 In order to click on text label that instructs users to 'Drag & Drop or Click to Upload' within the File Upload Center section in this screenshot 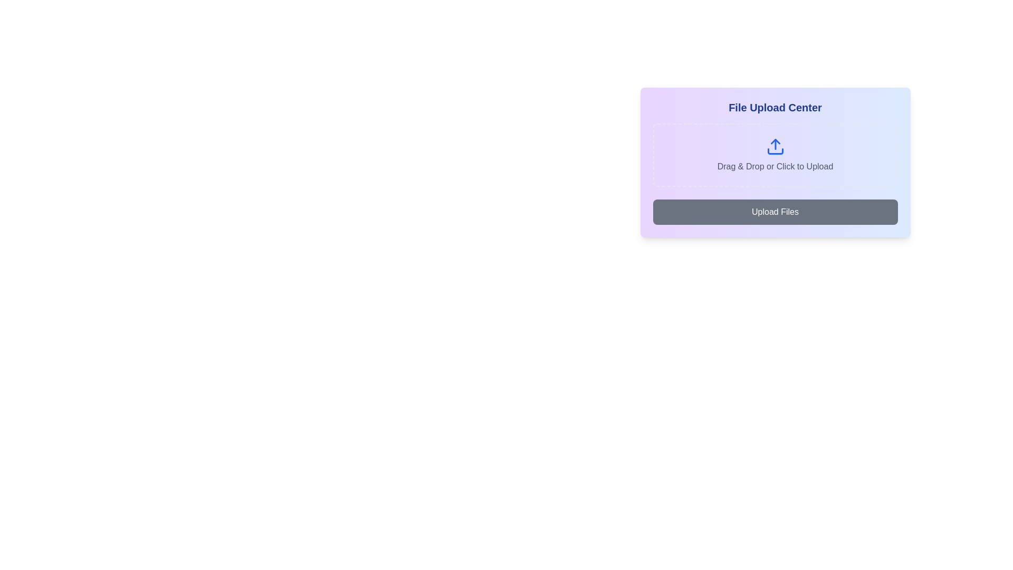, I will do `click(775, 166)`.